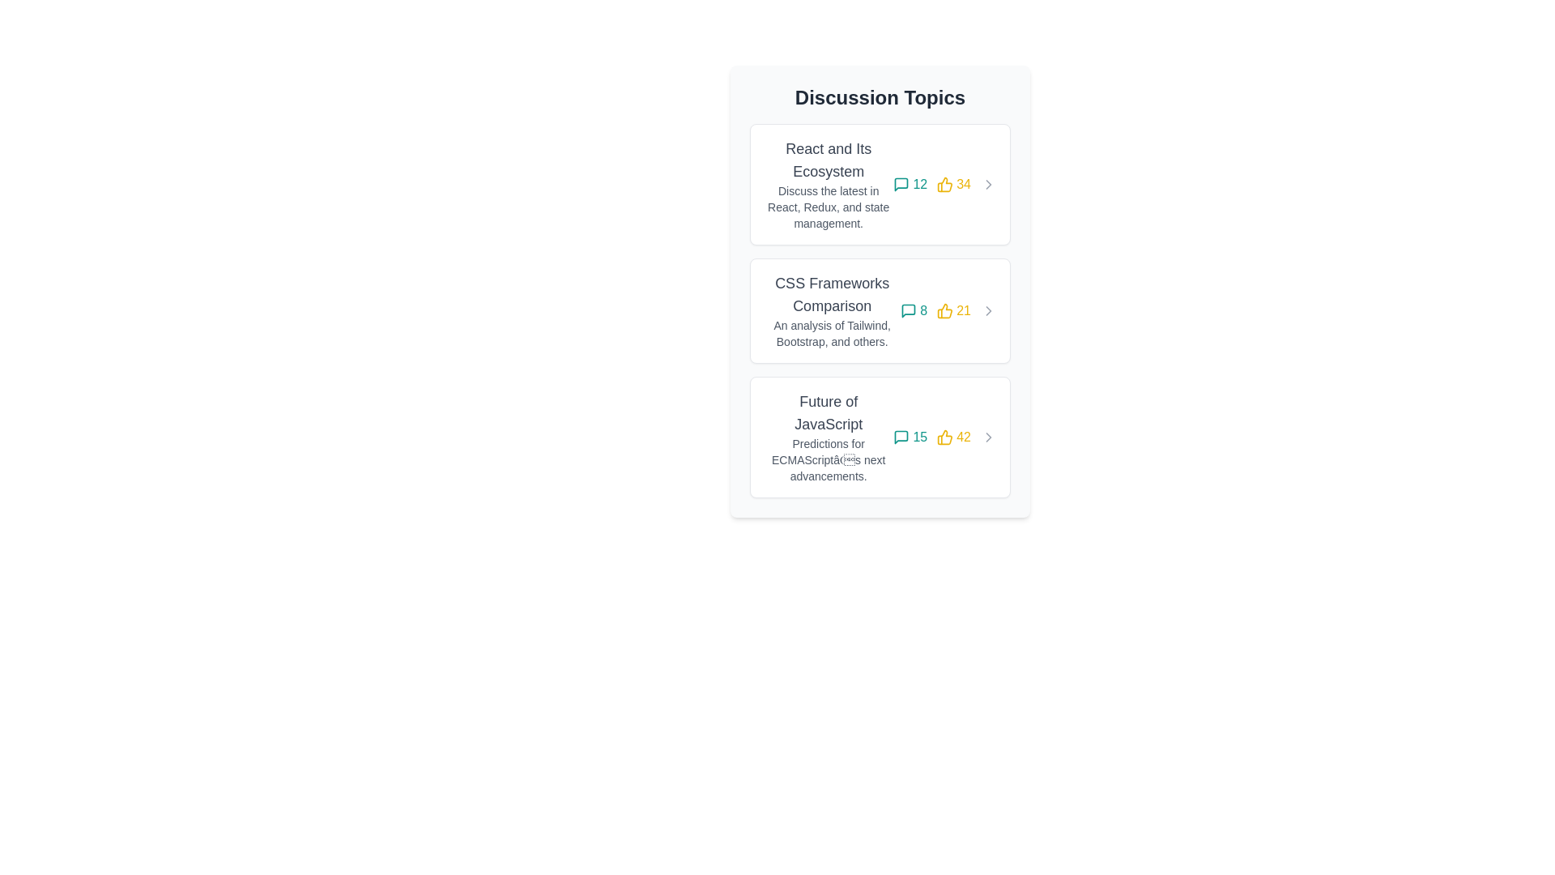 The width and height of the screenshot is (1555, 875). I want to click on the chevron-shaped arrow icon pointing towards the right, located in the 'CSS Frameworks Comparison' section, adjacent to the numerical '21', so click(987, 311).